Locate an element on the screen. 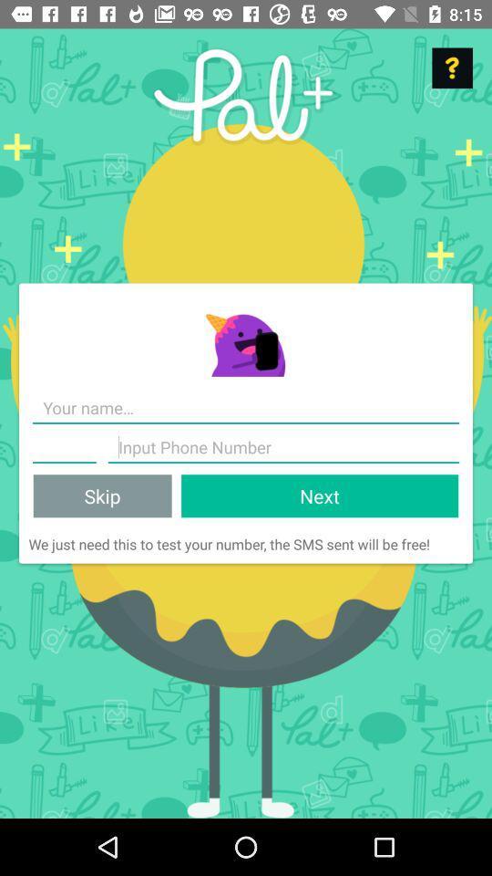 The width and height of the screenshot is (492, 876). name is located at coordinates (246, 408).